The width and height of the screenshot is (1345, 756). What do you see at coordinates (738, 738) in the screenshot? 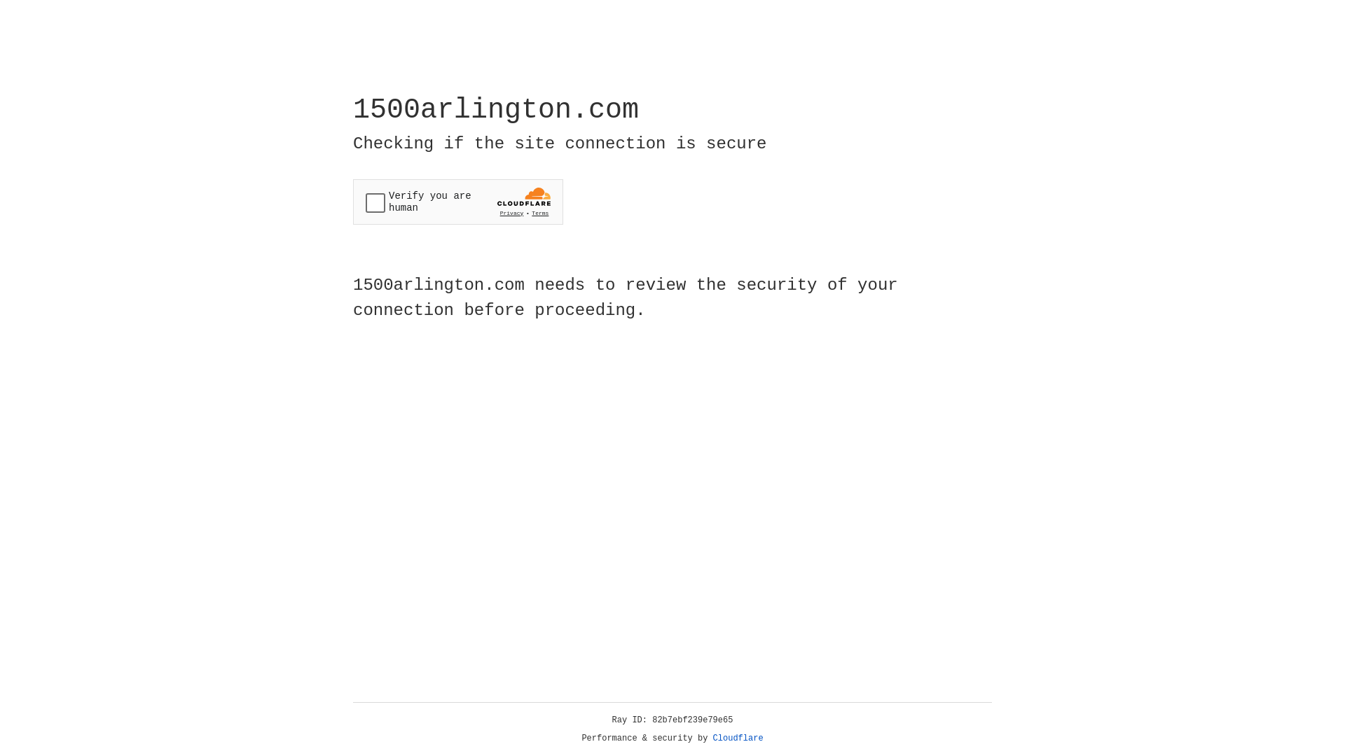
I see `'Cloudflare'` at bounding box center [738, 738].